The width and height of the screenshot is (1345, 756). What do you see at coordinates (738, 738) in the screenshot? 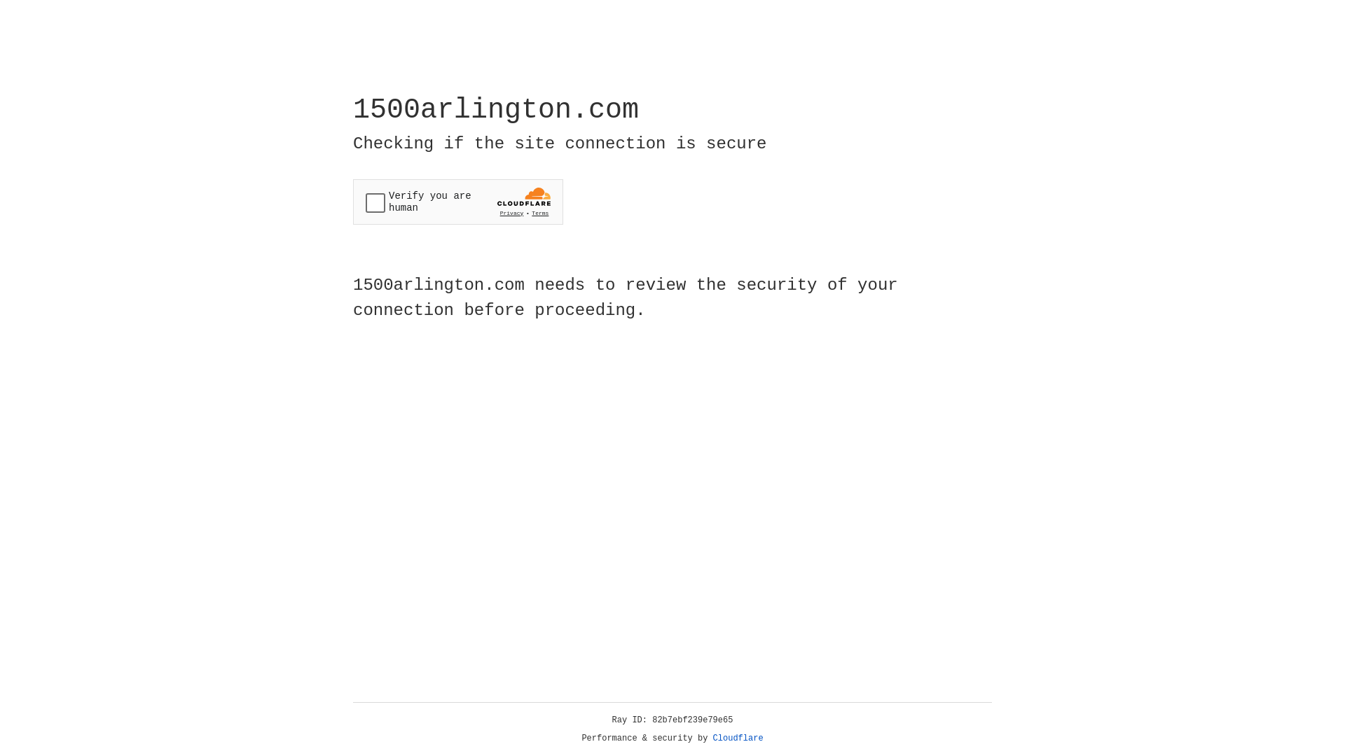
I see `'Cloudflare'` at bounding box center [738, 738].